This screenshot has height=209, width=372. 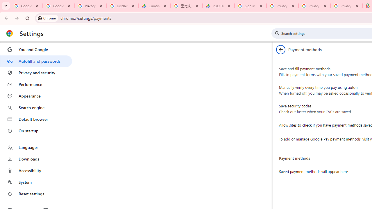 What do you see at coordinates (36, 119) in the screenshot?
I see `'Default browser'` at bounding box center [36, 119].